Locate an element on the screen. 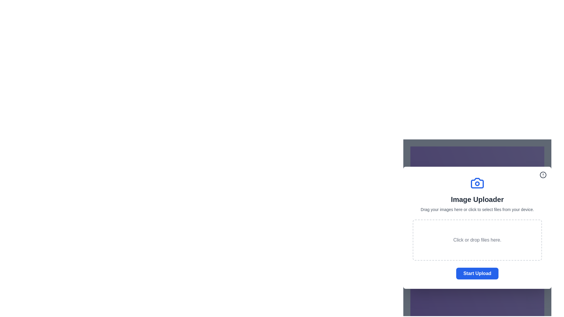 The width and height of the screenshot is (564, 317). the circular alert icon button located at the top-right corner of the 'Image Uploader' modal is located at coordinates (543, 175).